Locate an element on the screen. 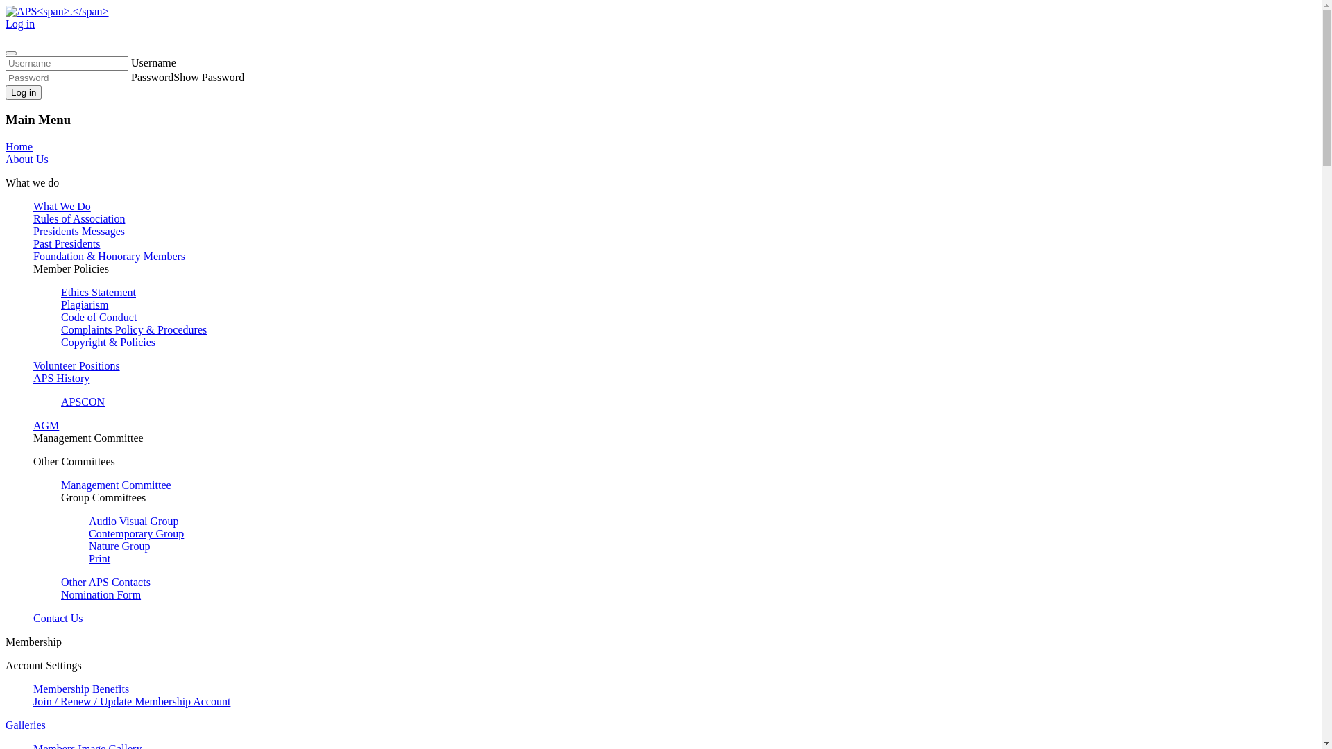 The image size is (1332, 749). 'Foundation & Honorary Members' is located at coordinates (108, 256).